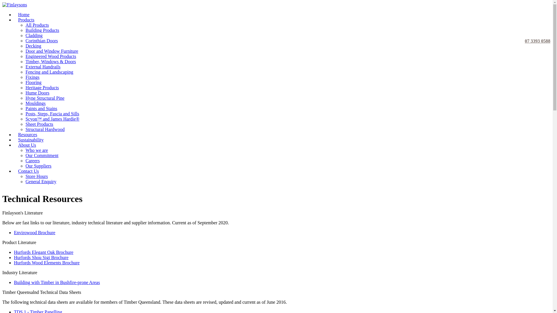 This screenshot has height=313, width=557. I want to click on 'Hurfords Elegant Oak Brochure', so click(43, 252).